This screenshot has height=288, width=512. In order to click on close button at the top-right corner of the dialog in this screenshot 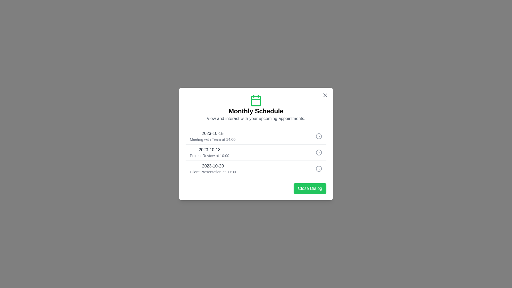, I will do `click(325, 95)`.